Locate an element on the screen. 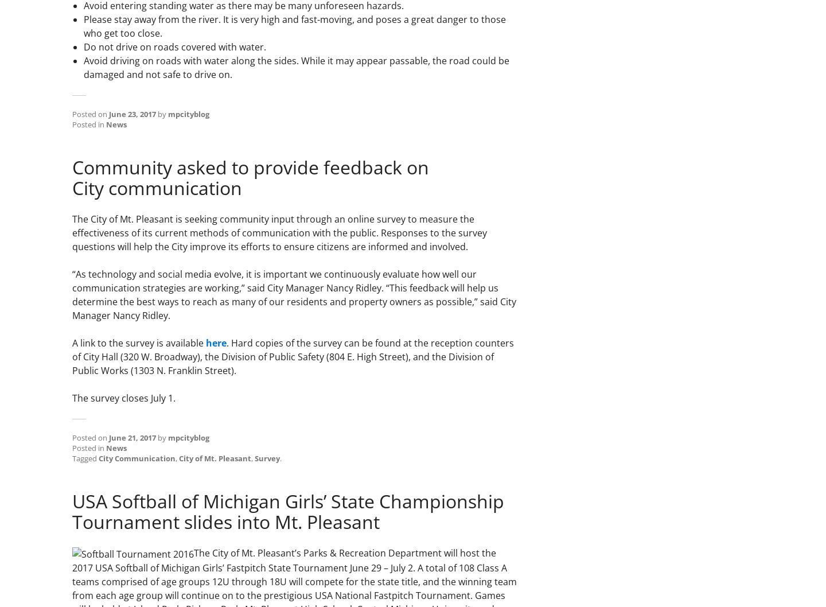 This screenshot has height=607, width=826. 'A link to the survey is available' is located at coordinates (138, 343).